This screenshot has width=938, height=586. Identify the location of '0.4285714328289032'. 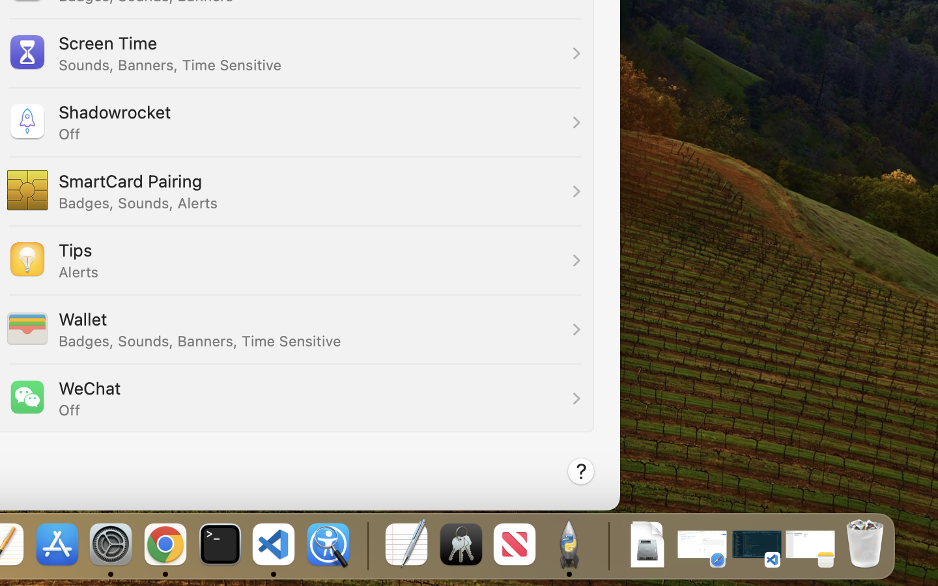
(366, 545).